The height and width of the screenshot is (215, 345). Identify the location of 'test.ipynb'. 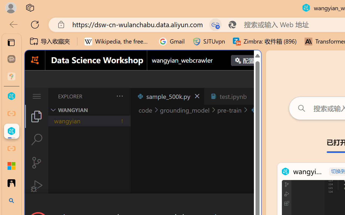
(233, 96).